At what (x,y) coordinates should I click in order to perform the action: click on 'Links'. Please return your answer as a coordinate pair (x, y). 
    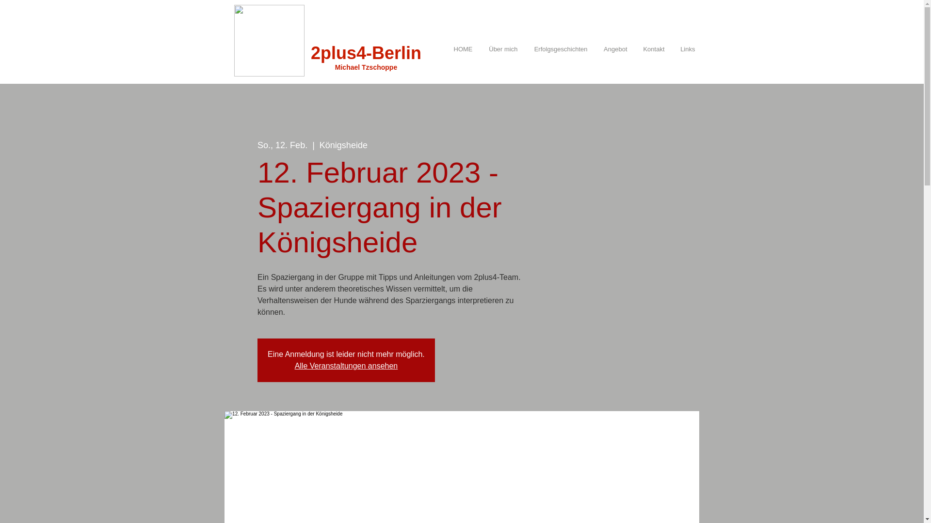
    Looking at the image, I should click on (685, 49).